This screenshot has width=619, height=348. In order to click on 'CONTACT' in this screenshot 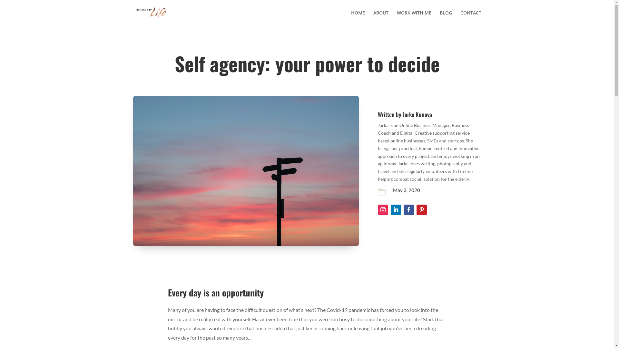, I will do `click(471, 18)`.